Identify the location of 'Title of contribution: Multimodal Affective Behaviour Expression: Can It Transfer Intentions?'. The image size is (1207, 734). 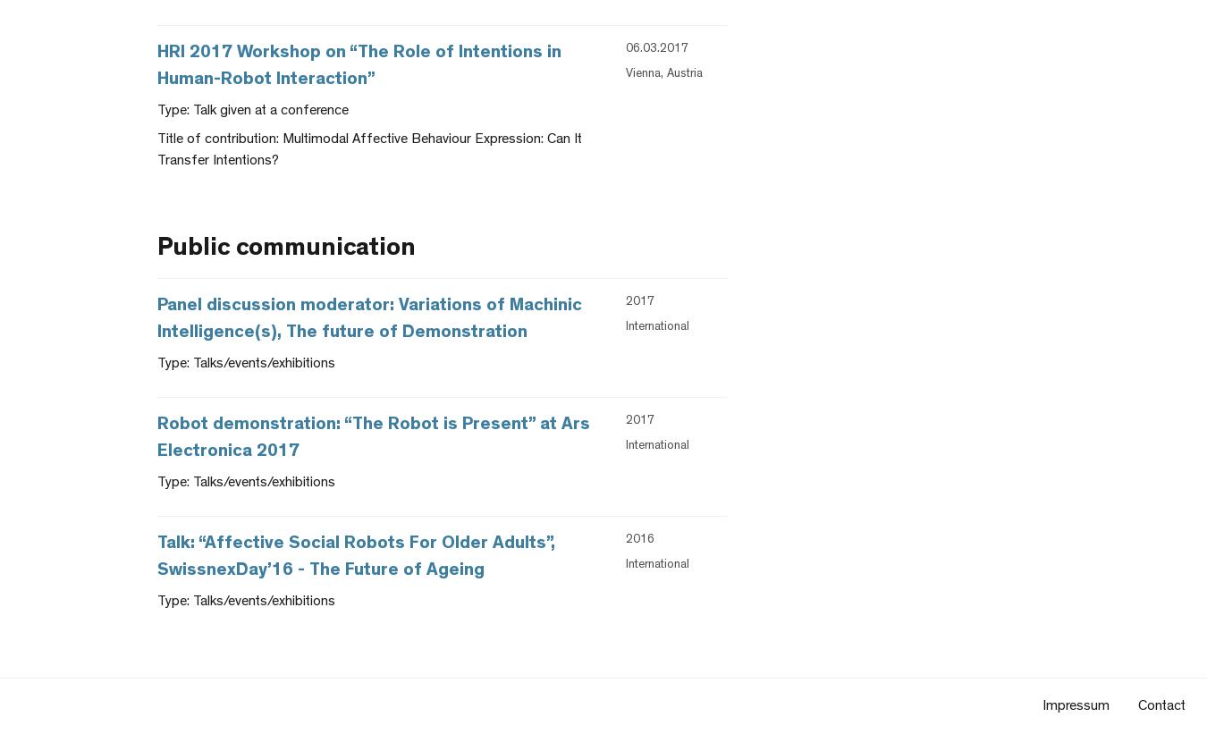
(369, 150).